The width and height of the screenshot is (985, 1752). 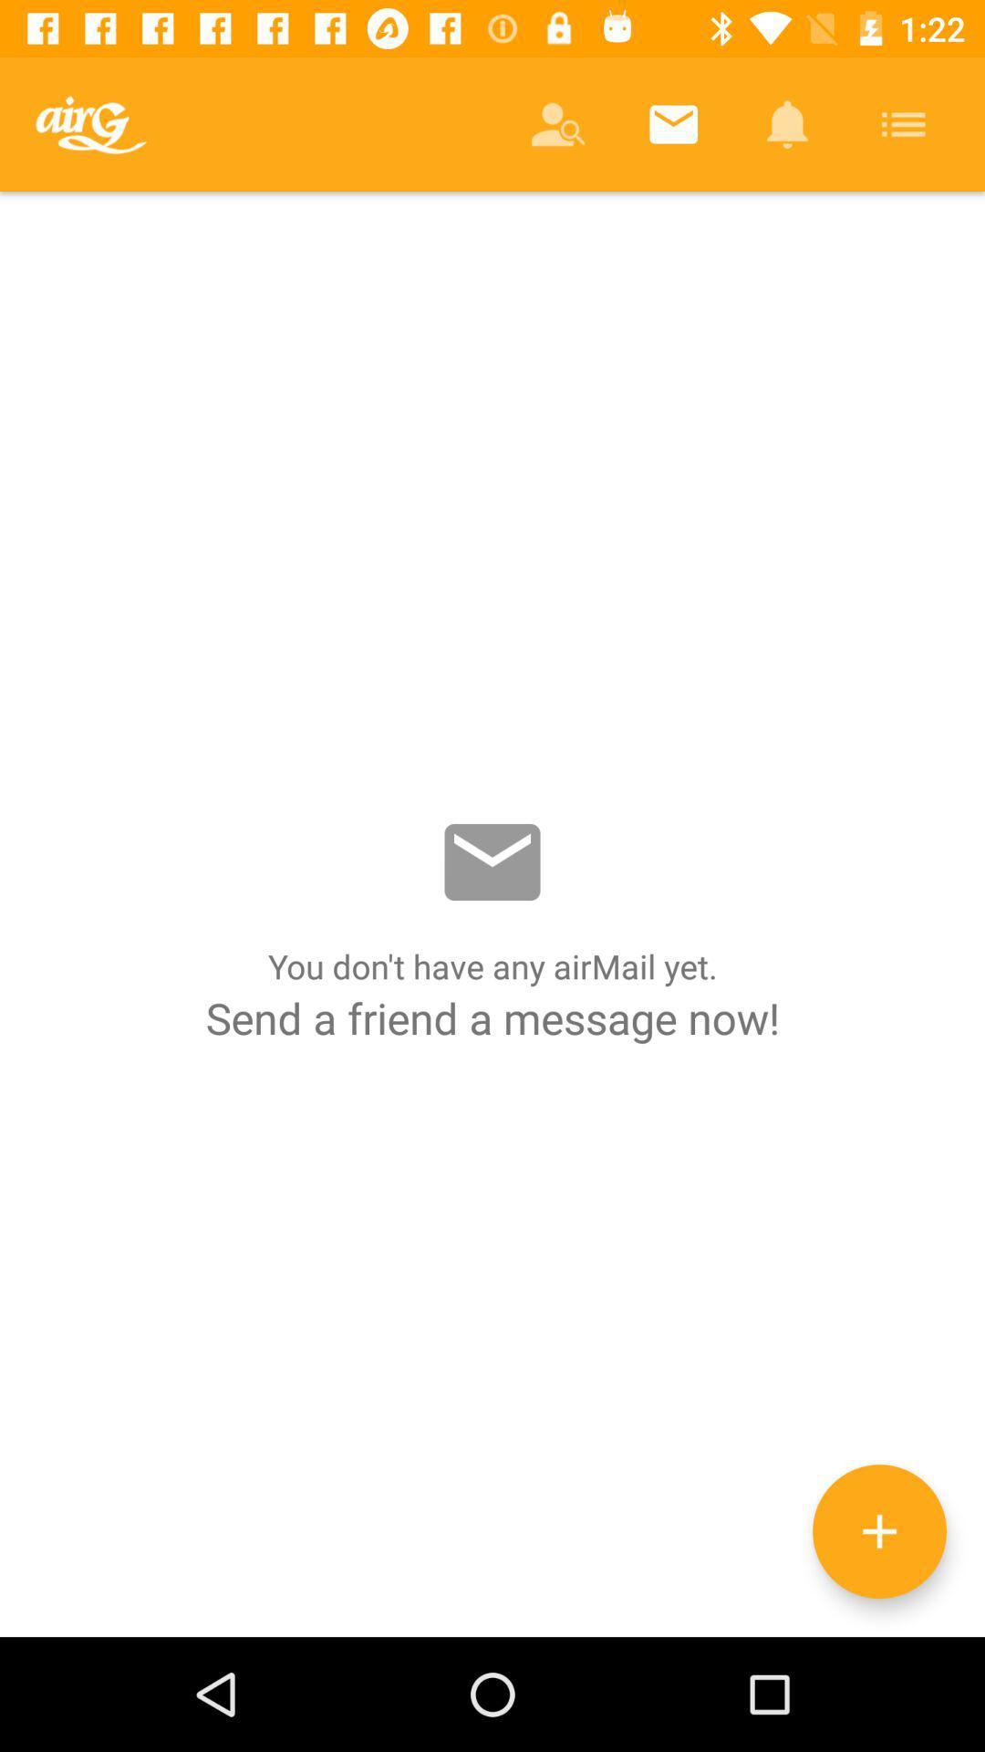 What do you see at coordinates (493, 914) in the screenshot?
I see `send a message` at bounding box center [493, 914].